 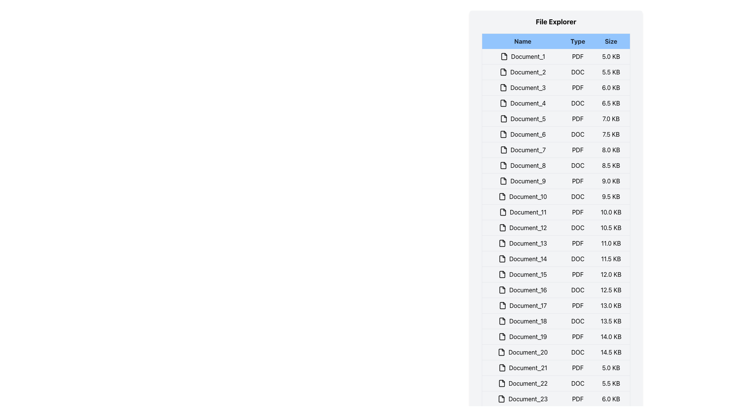 What do you see at coordinates (502, 398) in the screenshot?
I see `the base document shape of the file icon labeled 'Document_23' in the 'File Explorer' interface` at bounding box center [502, 398].